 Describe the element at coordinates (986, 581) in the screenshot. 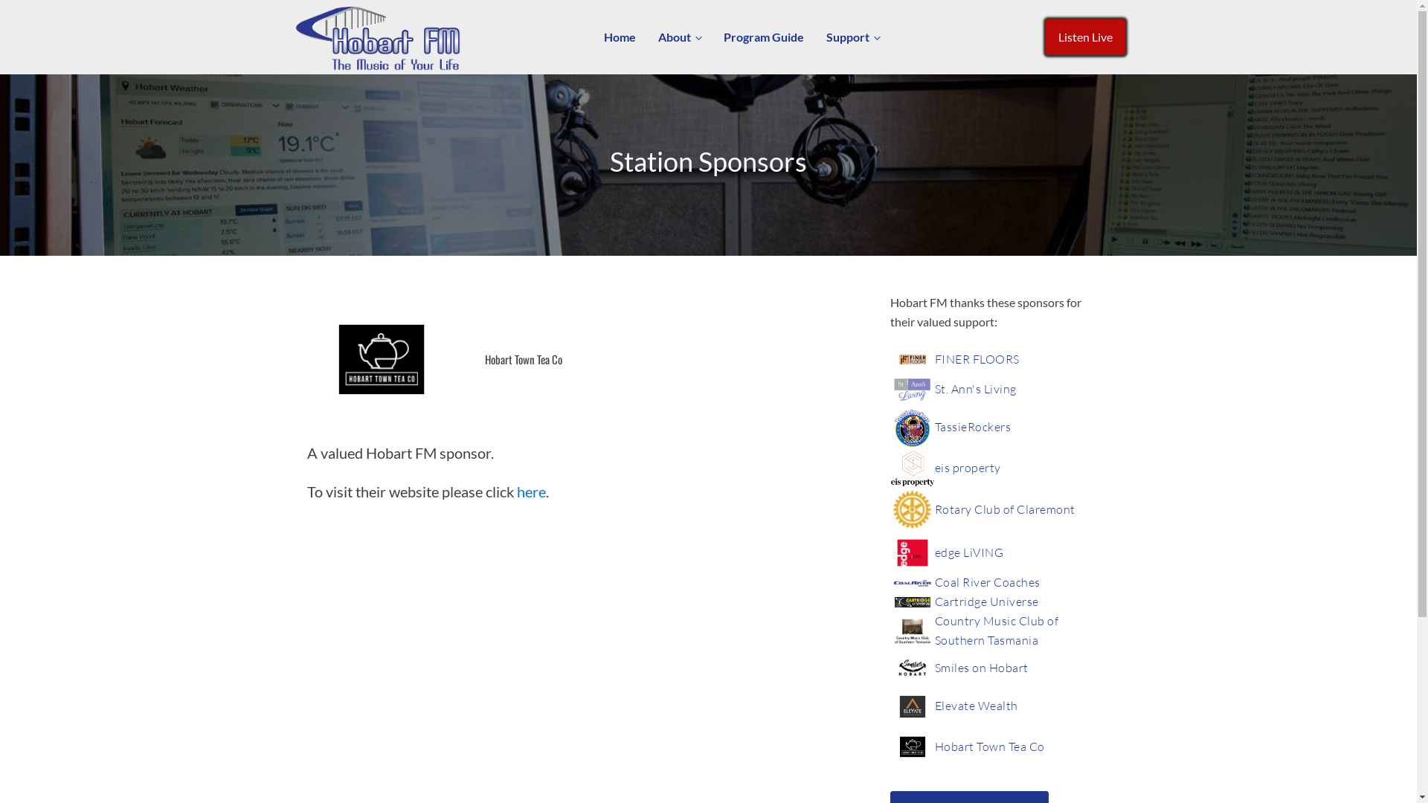

I see `'Coal River Coaches'` at that location.